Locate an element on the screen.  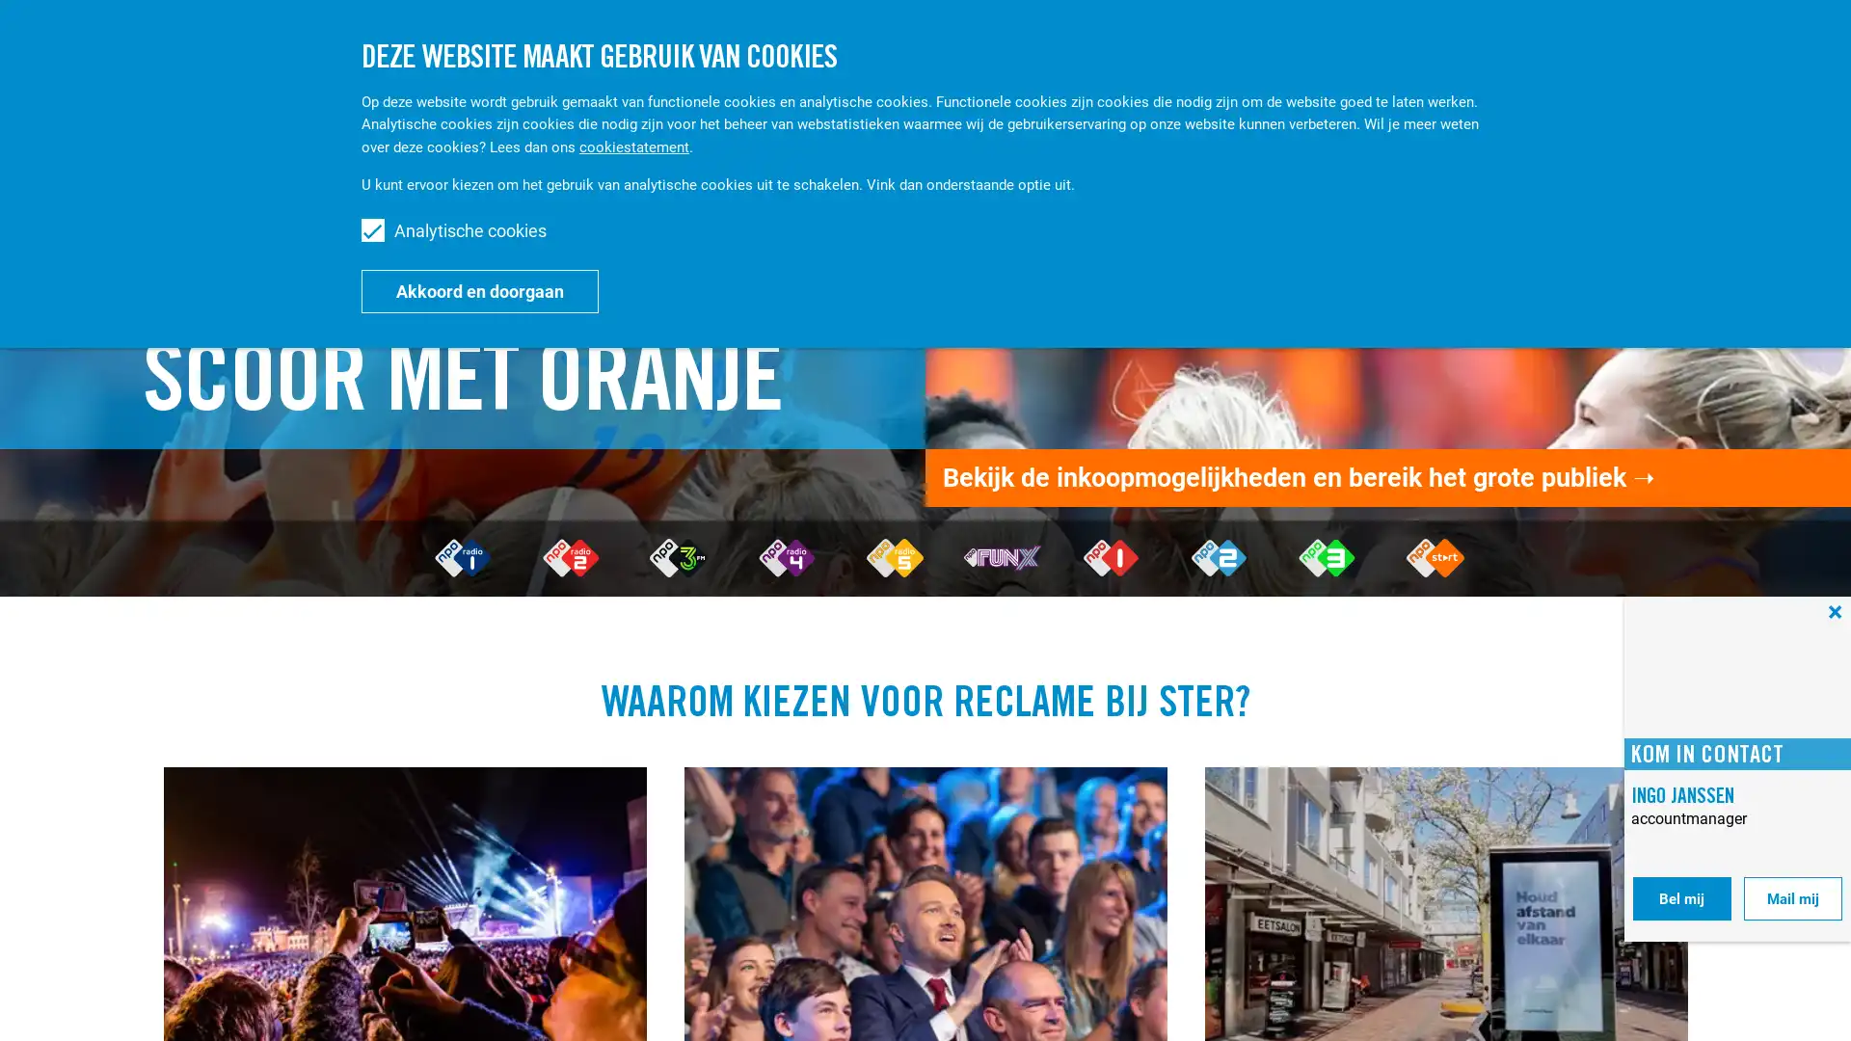
Bel mij is located at coordinates (1680, 898).